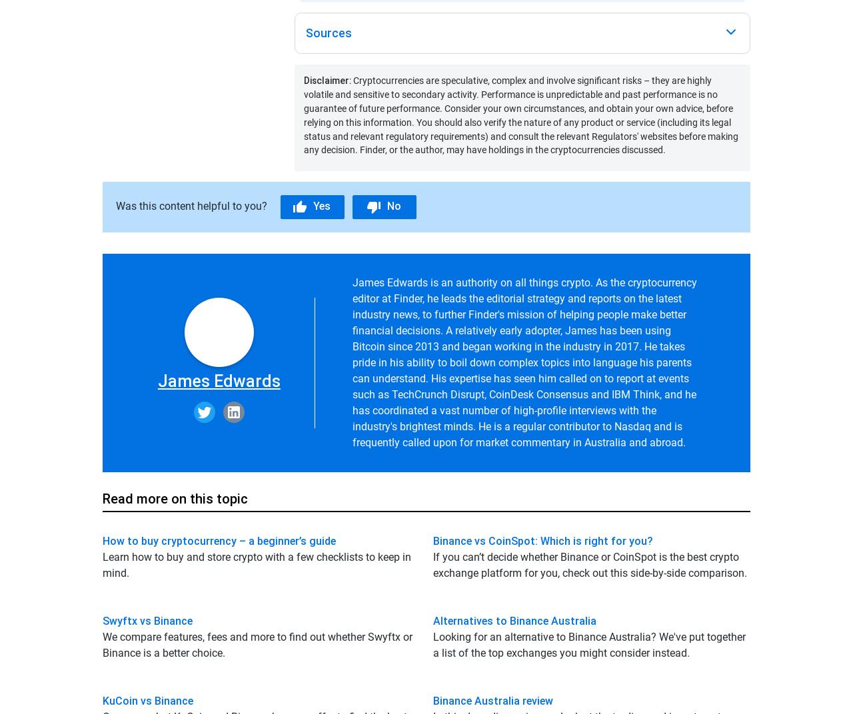 The height and width of the screenshot is (714, 853). What do you see at coordinates (219, 539) in the screenshot?
I see `'How to buy cryptocurrency – a beginner’s guide'` at bounding box center [219, 539].